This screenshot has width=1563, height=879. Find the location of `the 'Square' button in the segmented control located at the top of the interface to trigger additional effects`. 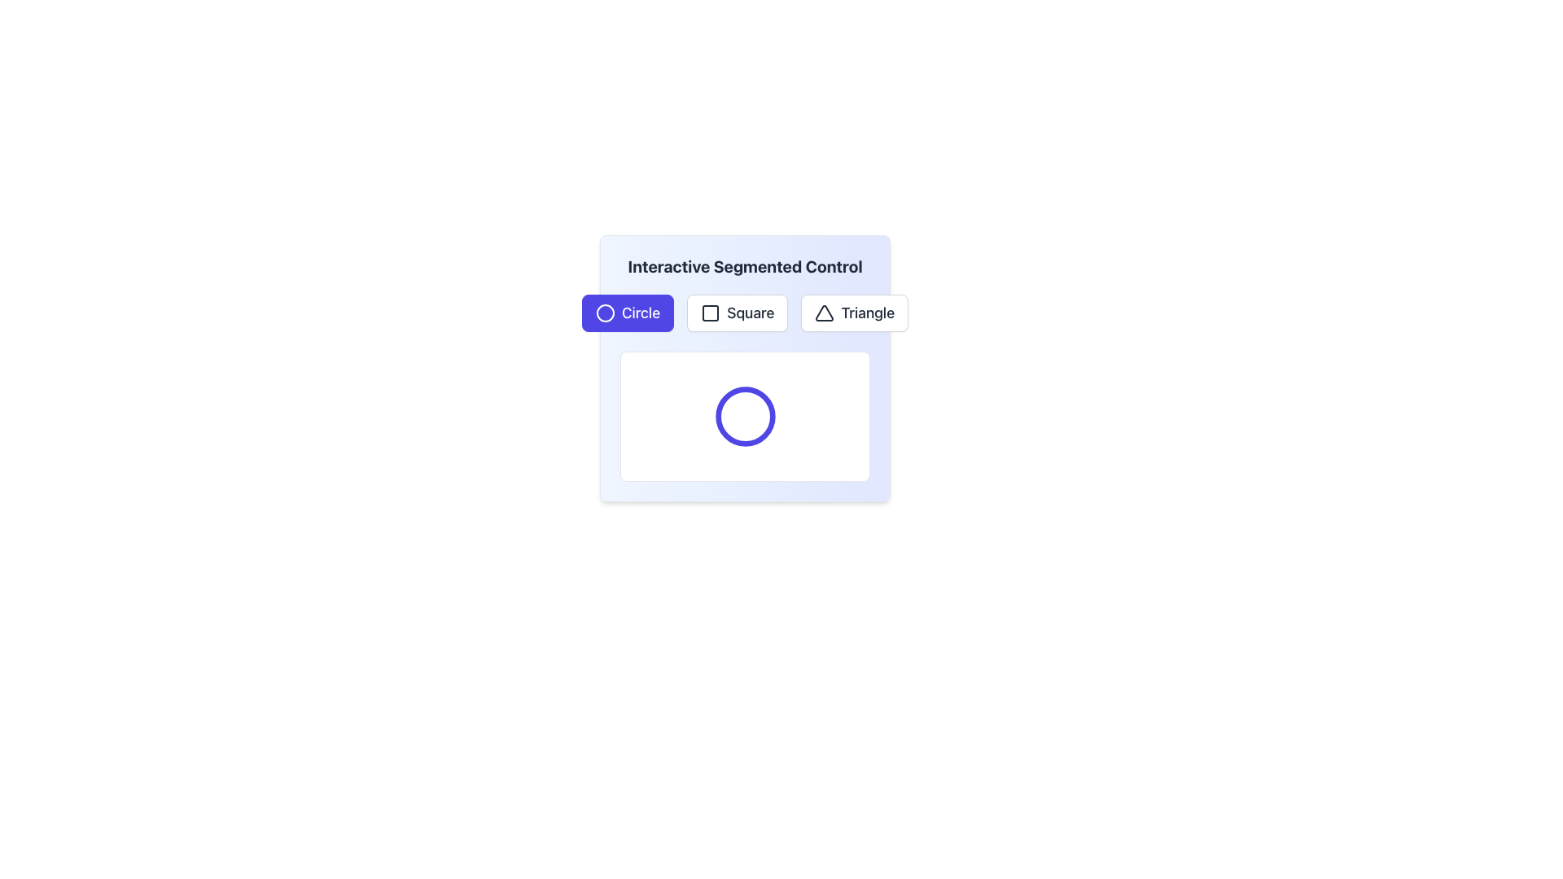

the 'Square' button in the segmented control located at the top of the interface to trigger additional effects is located at coordinates (737, 313).